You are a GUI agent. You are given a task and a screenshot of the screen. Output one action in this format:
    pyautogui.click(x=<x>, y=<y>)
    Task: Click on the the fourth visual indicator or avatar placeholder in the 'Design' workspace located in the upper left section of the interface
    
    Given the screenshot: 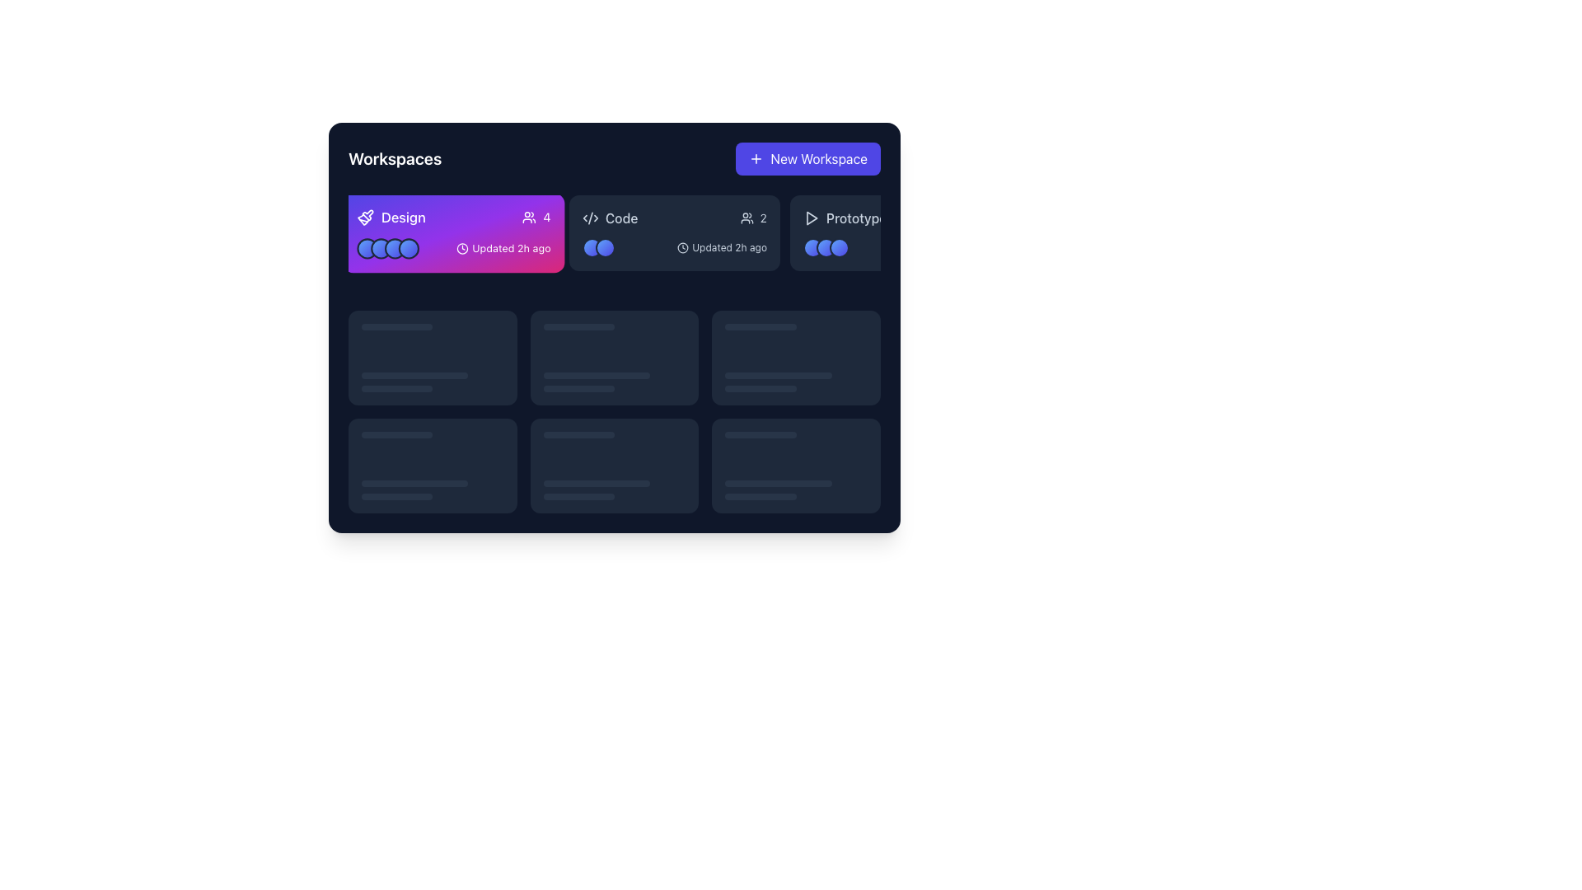 What is the action you would take?
    pyautogui.click(x=409, y=248)
    